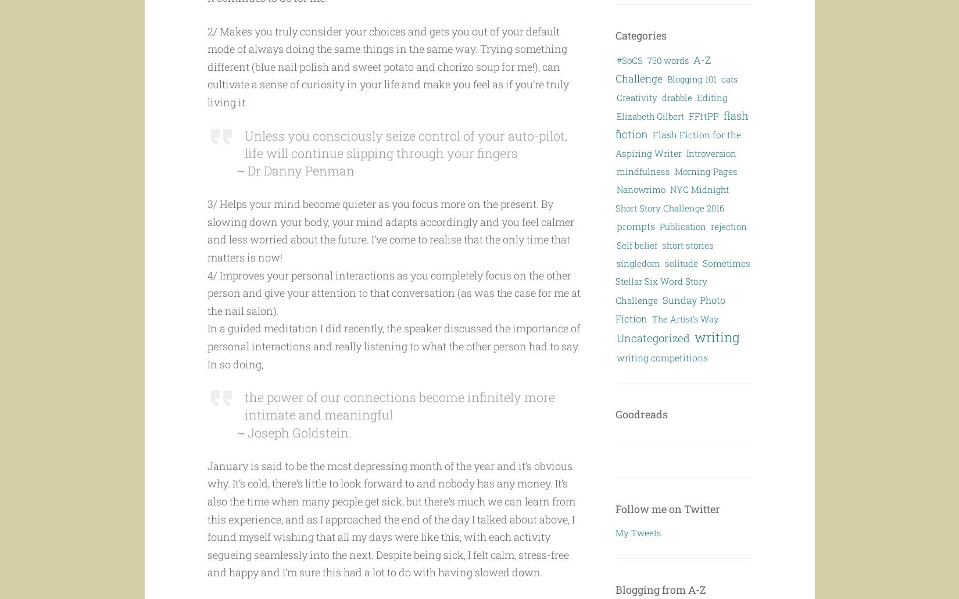  Describe the element at coordinates (712, 96) in the screenshot. I see `'Editing'` at that location.